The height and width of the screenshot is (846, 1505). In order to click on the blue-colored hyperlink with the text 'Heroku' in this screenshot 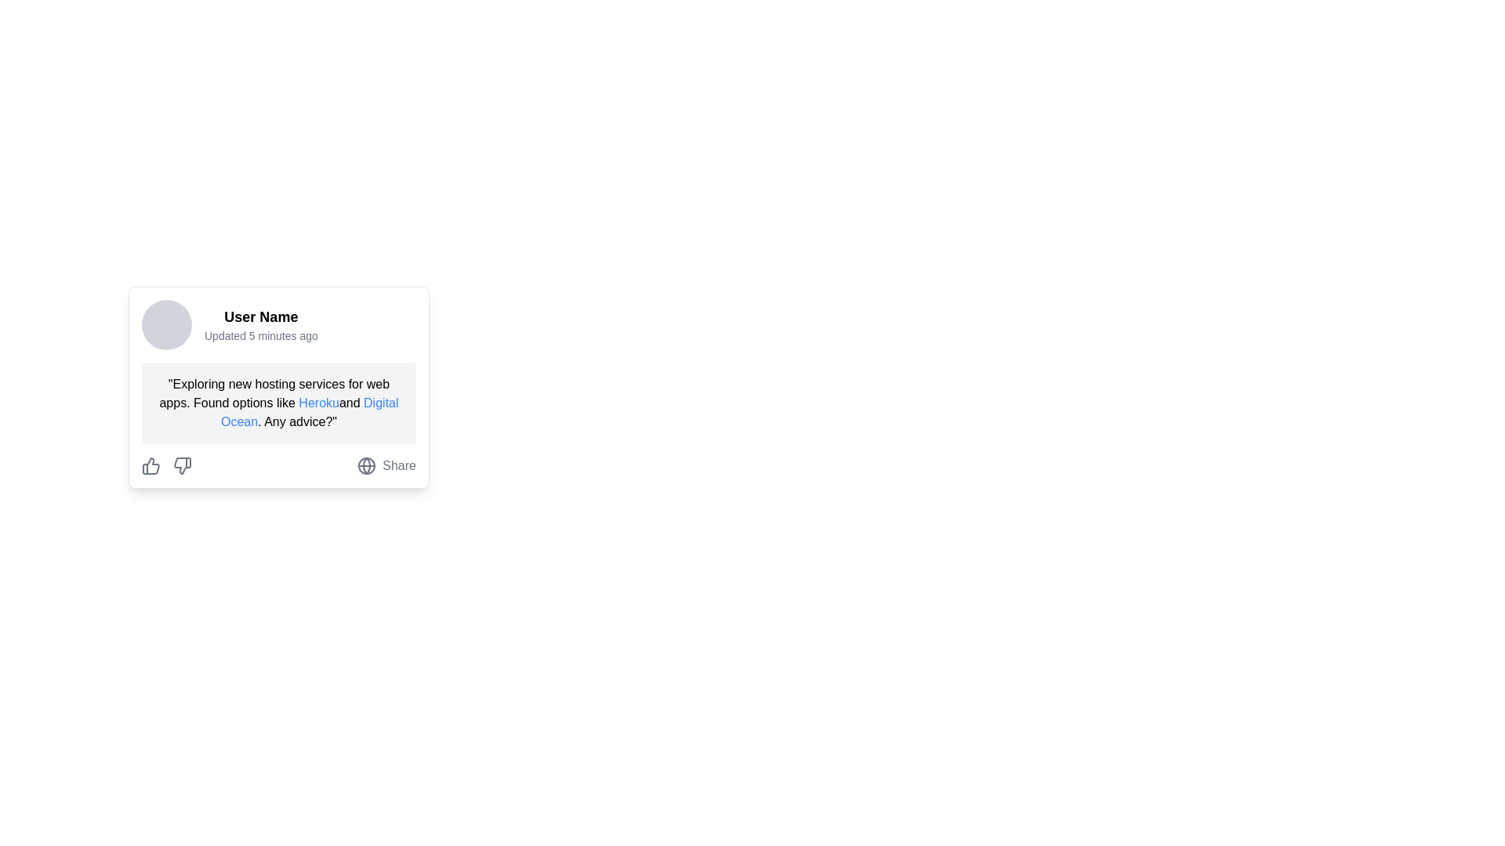, I will do `click(318, 402)`.